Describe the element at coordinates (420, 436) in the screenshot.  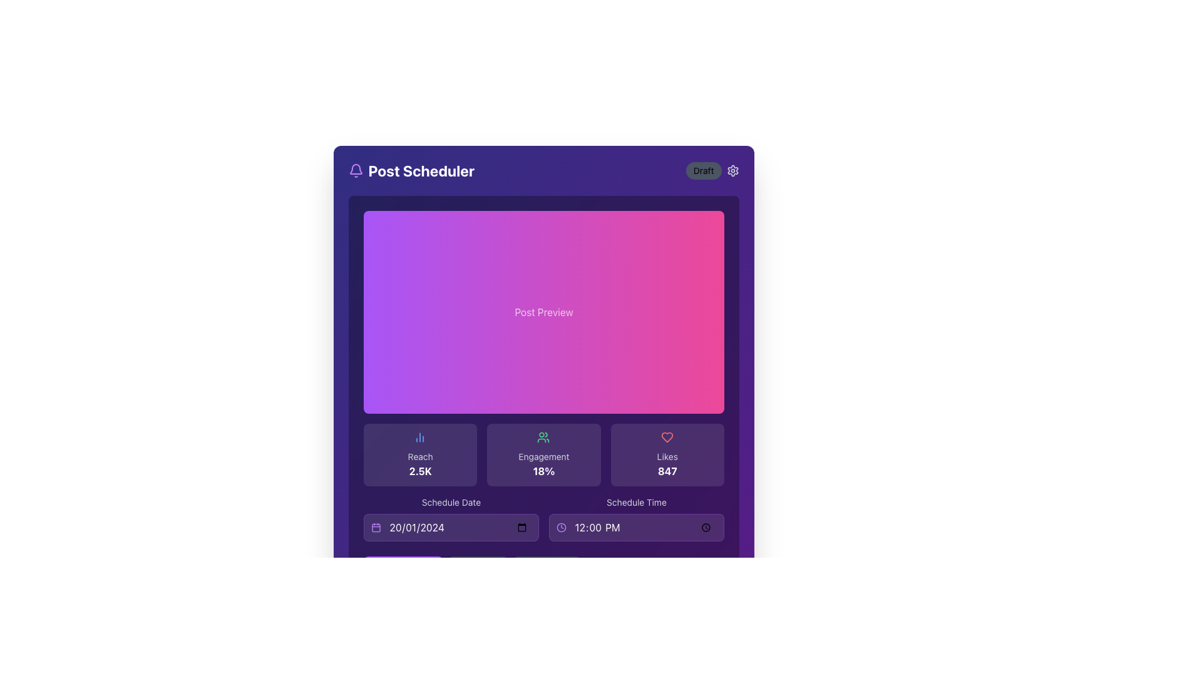
I see `the vertically-oriented blue bar chart icon located in the 'Reach' panel displaying '2.5K'` at that location.